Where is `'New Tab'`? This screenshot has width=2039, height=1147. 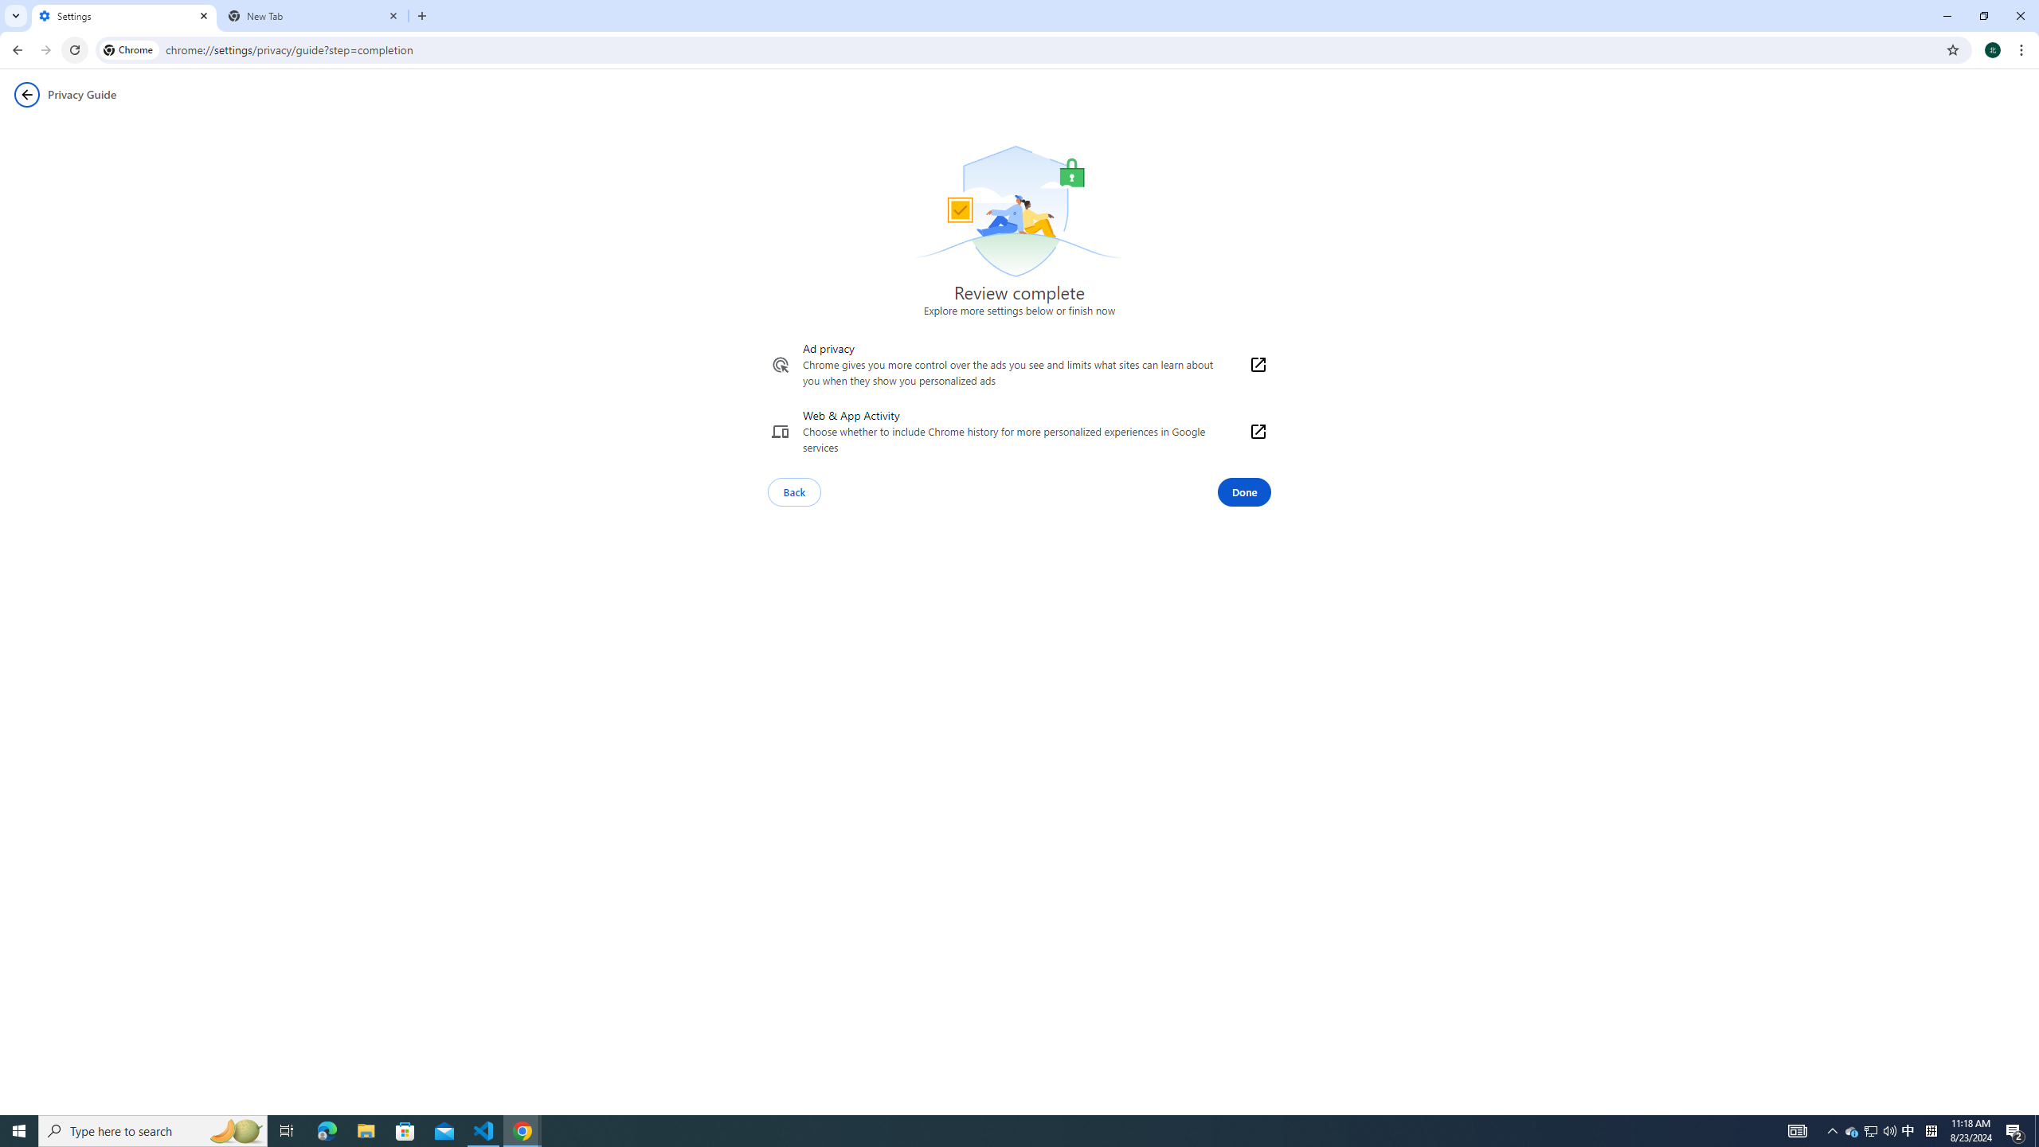 'New Tab' is located at coordinates (314, 15).